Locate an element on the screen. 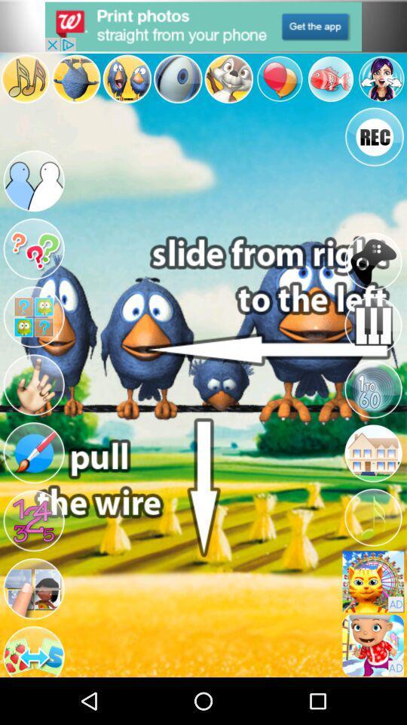 This screenshot has width=407, height=725. the joystick icon is located at coordinates (372, 261).